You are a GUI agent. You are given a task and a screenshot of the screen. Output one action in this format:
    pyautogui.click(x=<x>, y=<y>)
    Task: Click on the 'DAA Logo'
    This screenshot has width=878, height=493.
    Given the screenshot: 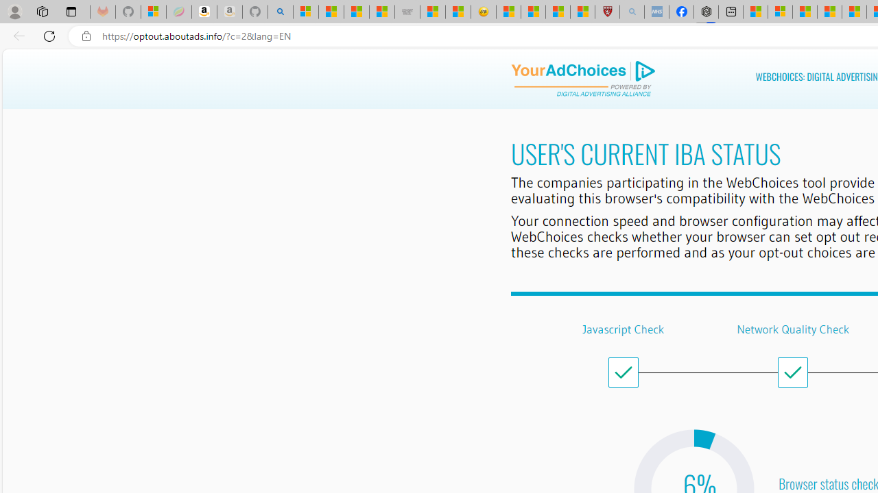 What is the action you would take?
    pyautogui.click(x=583, y=79)
    